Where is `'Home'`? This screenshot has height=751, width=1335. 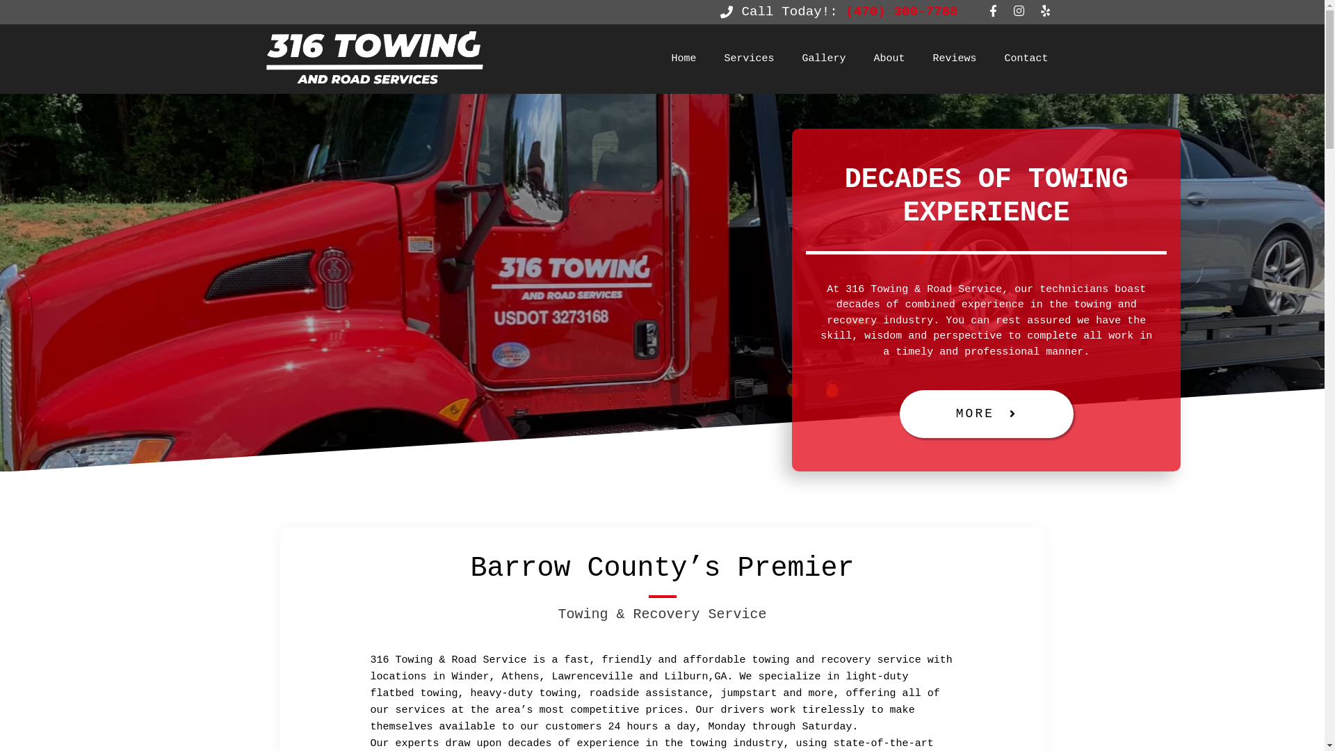 'Home' is located at coordinates (683, 58).